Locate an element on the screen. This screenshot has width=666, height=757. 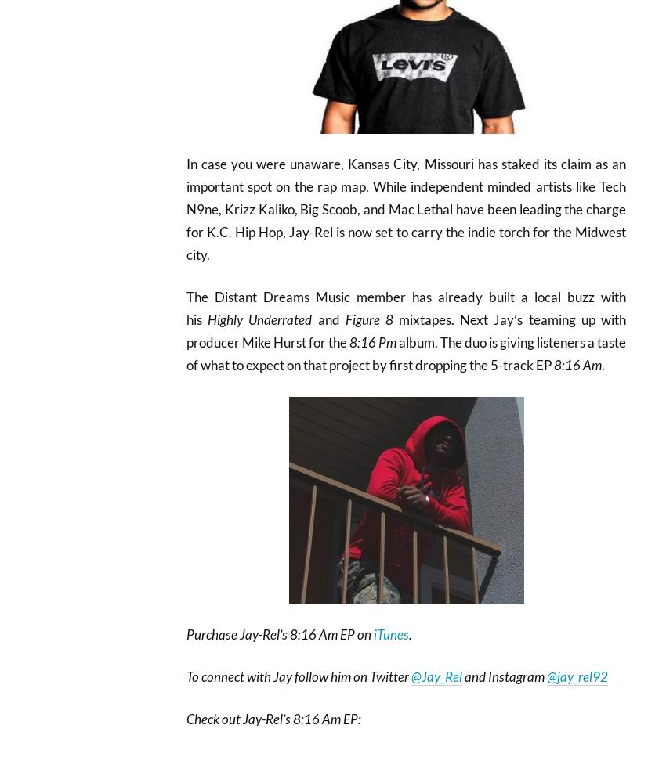
'and' is located at coordinates (328, 319).